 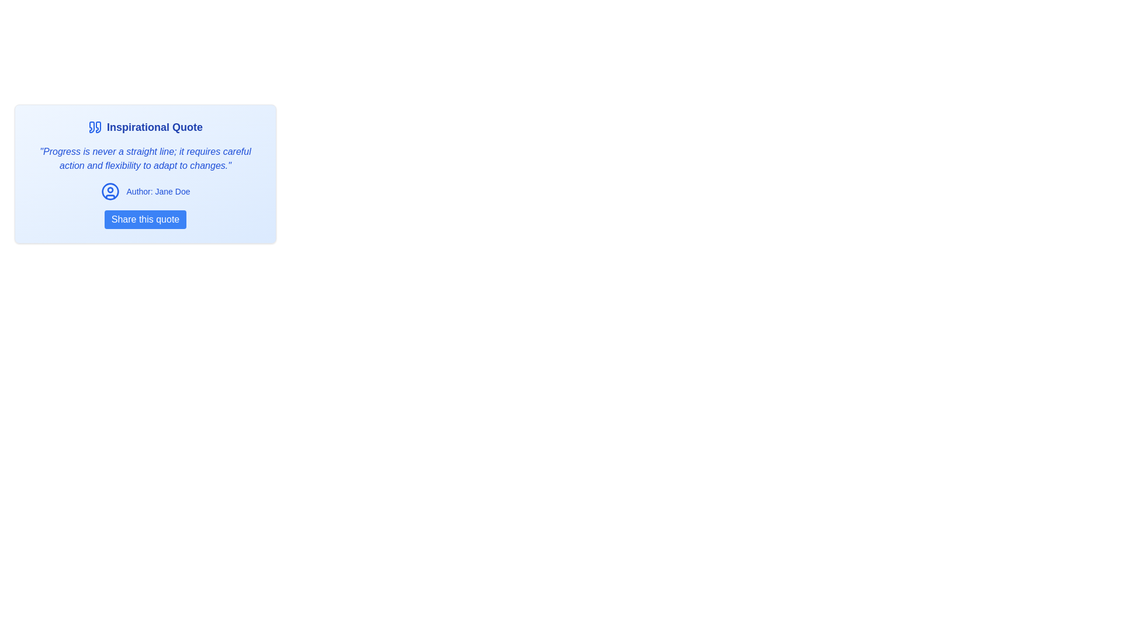 What do you see at coordinates (145, 219) in the screenshot?
I see `the share button located at the bottom of the card layout, centered below the 'Author: Jane Doe' text` at bounding box center [145, 219].